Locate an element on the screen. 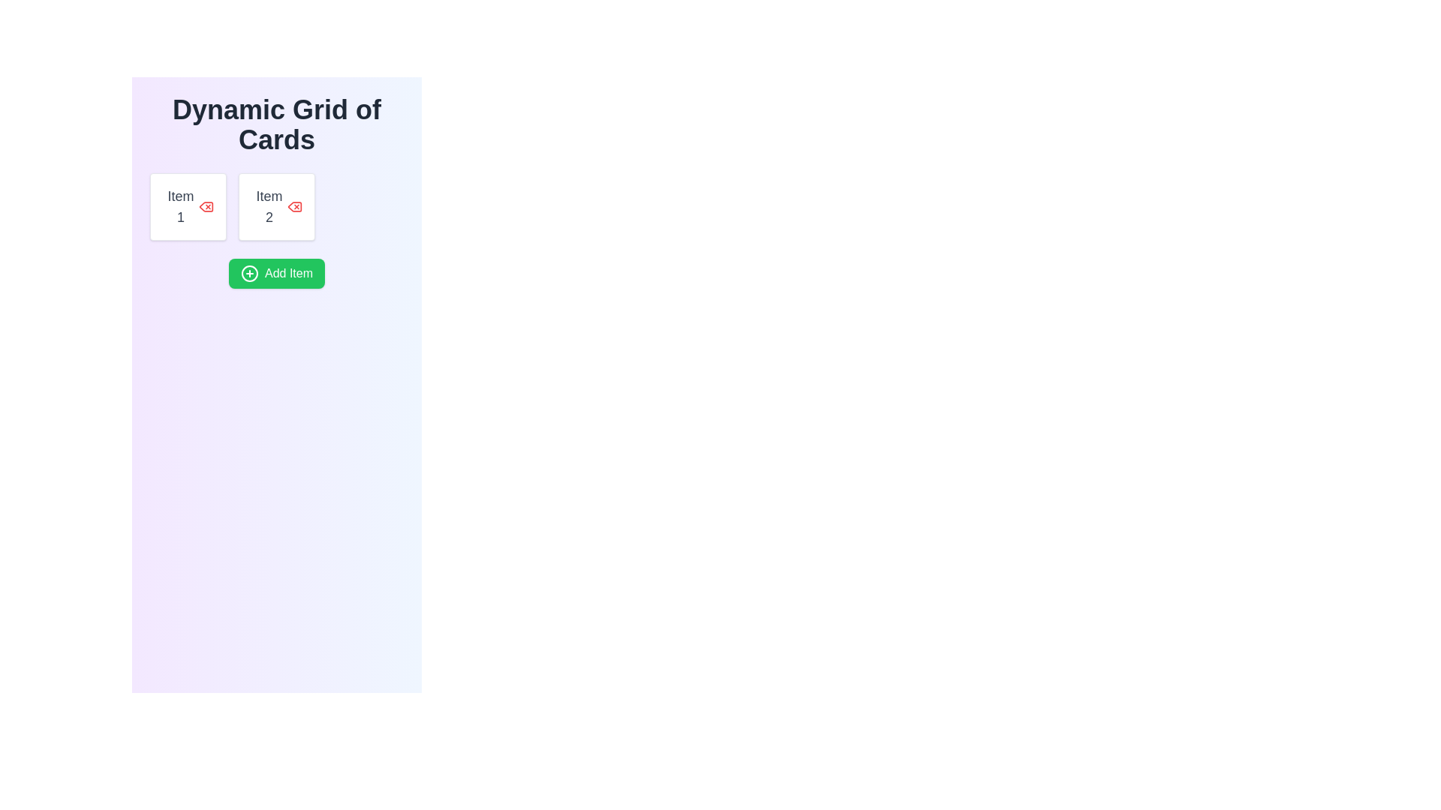 This screenshot has height=810, width=1441. the Delete Icon button located at the top-right corner of the card labeled 'Item 2' is located at coordinates (295, 207).